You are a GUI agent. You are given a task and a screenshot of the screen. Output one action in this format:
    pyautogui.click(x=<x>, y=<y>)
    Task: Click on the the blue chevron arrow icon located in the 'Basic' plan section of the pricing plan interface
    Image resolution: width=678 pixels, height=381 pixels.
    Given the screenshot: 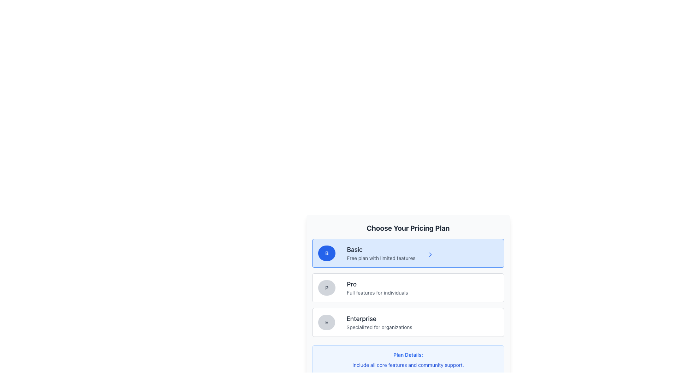 What is the action you would take?
    pyautogui.click(x=430, y=254)
    